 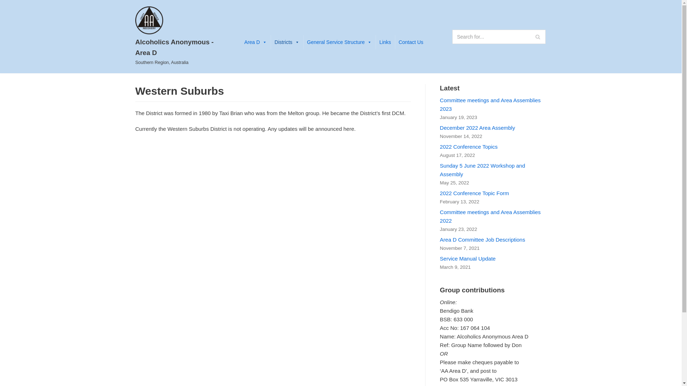 What do you see at coordinates (482, 239) in the screenshot?
I see `'Area D Committee Job Descriptions'` at bounding box center [482, 239].